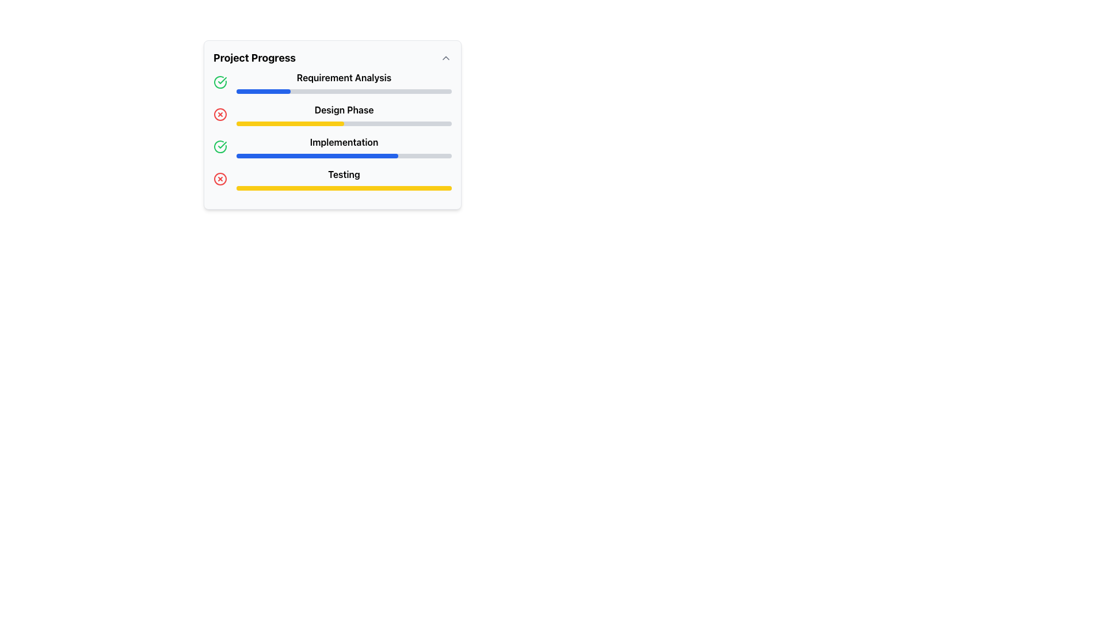 This screenshot has height=622, width=1105. What do you see at coordinates (344, 110) in the screenshot?
I see `the 'Design Phase' text label in the progress tracker interface, which is displayed in bold sans-serif font and positioned between 'Requirement Analysis' and 'Implementation'` at bounding box center [344, 110].